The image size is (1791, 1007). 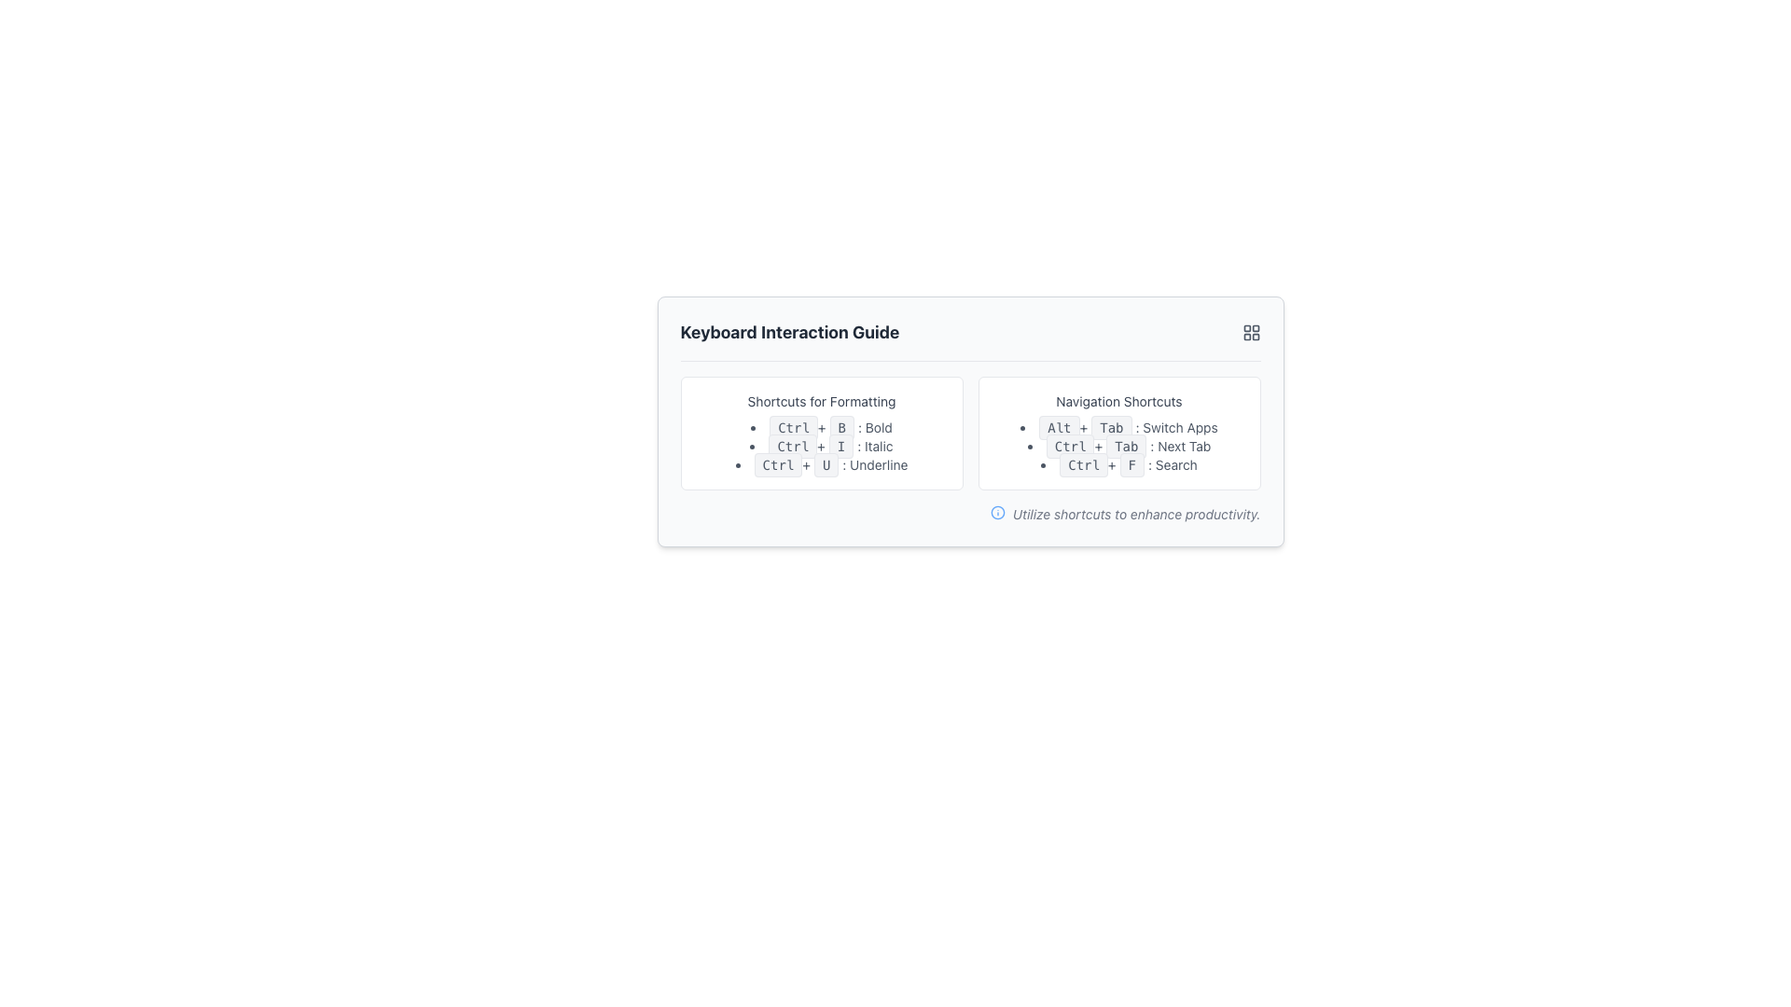 I want to click on the 'Ctrl' text label styled to resemble a button in the 'Keyboard Interaction Guide', located in the left-side panel under 'Shortcuts for Formatting', so click(x=778, y=463).